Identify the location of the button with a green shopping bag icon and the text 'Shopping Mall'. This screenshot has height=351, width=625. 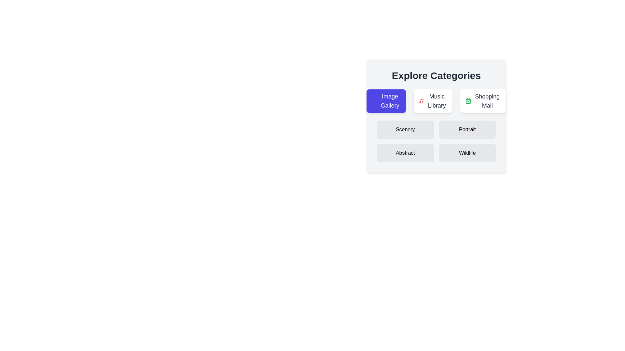
(483, 101).